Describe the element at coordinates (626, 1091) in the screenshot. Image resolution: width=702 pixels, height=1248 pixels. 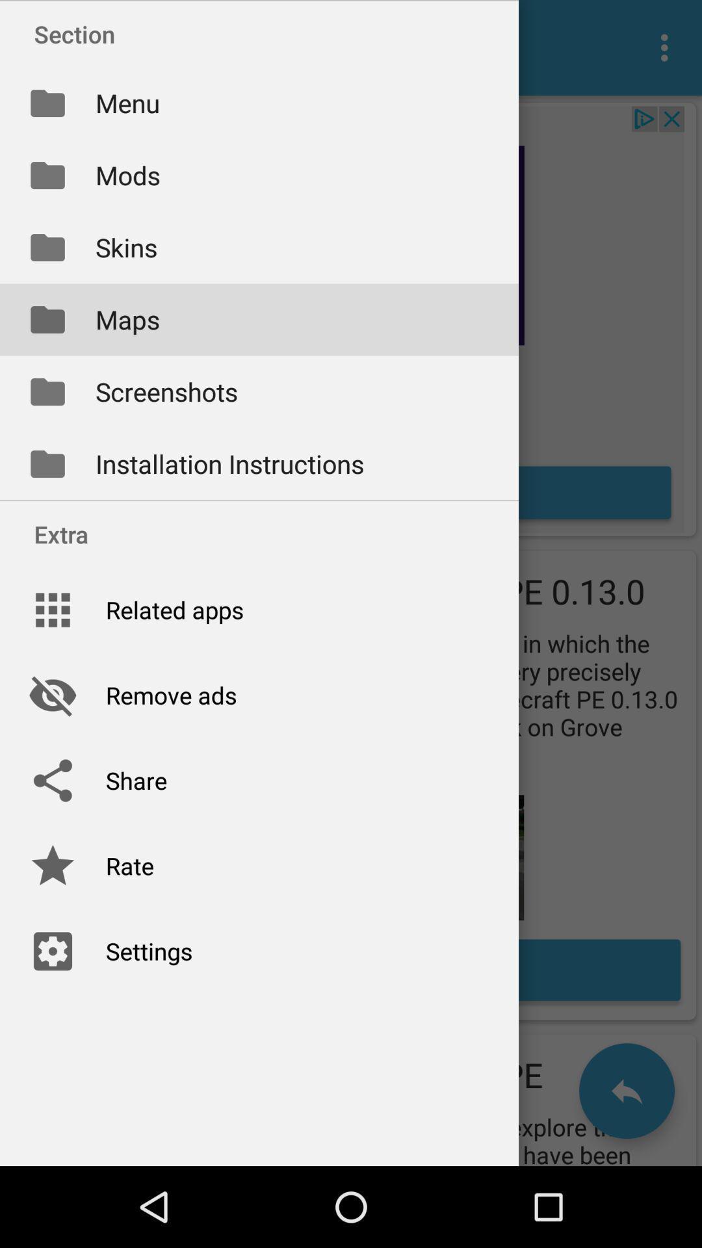
I see `the reply icon` at that location.